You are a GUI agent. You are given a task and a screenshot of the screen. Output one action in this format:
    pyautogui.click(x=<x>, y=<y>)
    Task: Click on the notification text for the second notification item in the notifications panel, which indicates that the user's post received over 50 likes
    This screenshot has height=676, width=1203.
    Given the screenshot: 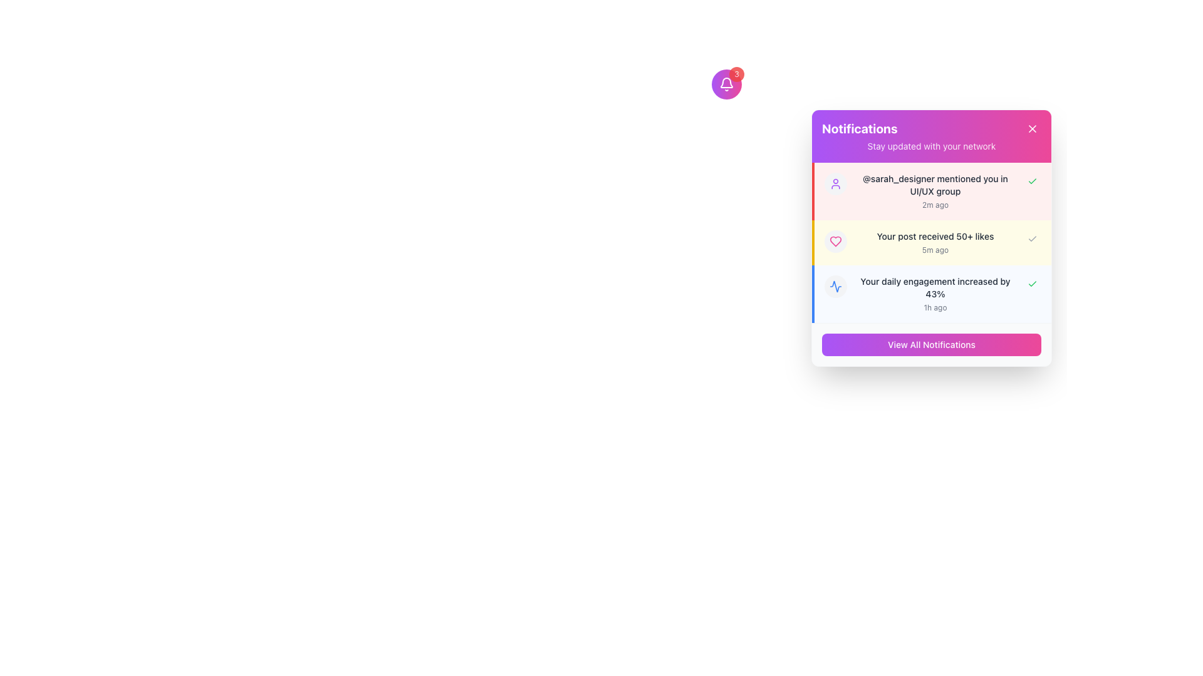 What is the action you would take?
    pyautogui.click(x=932, y=243)
    